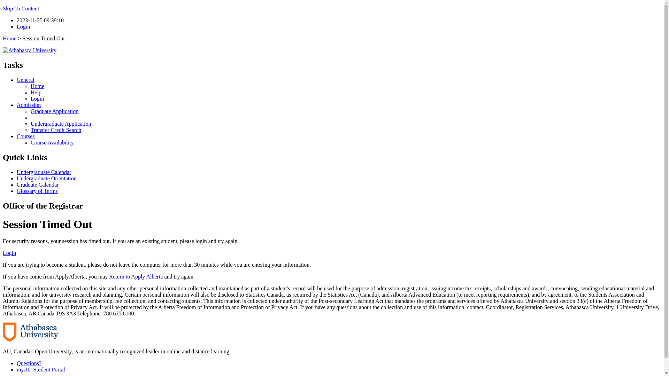 The image size is (669, 376). Describe the element at coordinates (40, 369) in the screenshot. I see `'myAU Student Portal'` at that location.